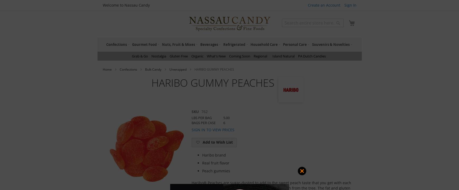 This screenshot has width=459, height=190. Describe the element at coordinates (201, 163) in the screenshot. I see `'Real fruit flavor'` at that location.